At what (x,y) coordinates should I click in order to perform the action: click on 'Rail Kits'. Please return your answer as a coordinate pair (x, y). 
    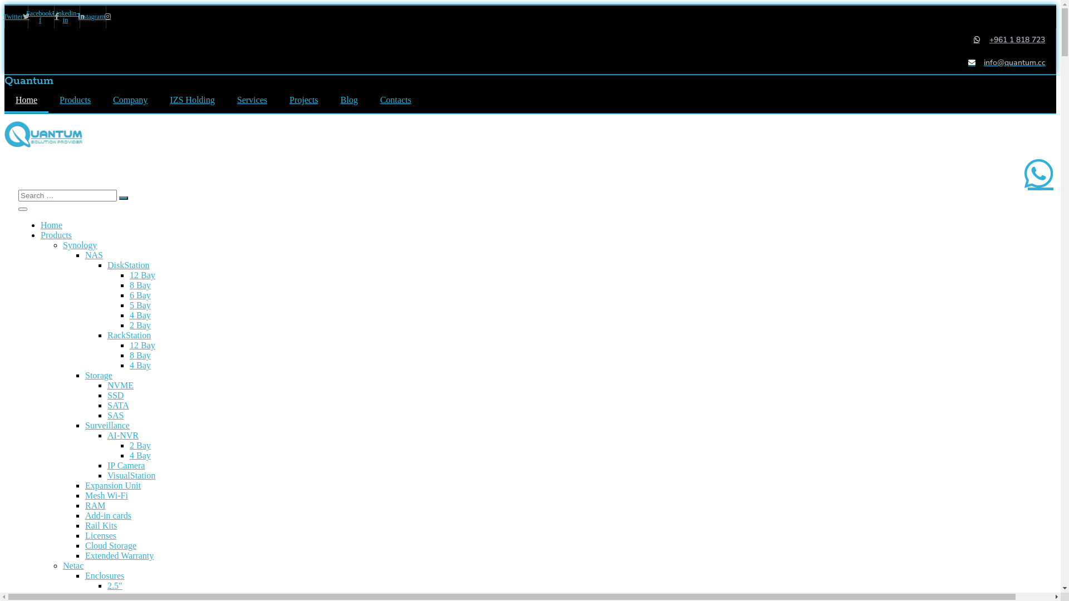
    Looking at the image, I should click on (101, 525).